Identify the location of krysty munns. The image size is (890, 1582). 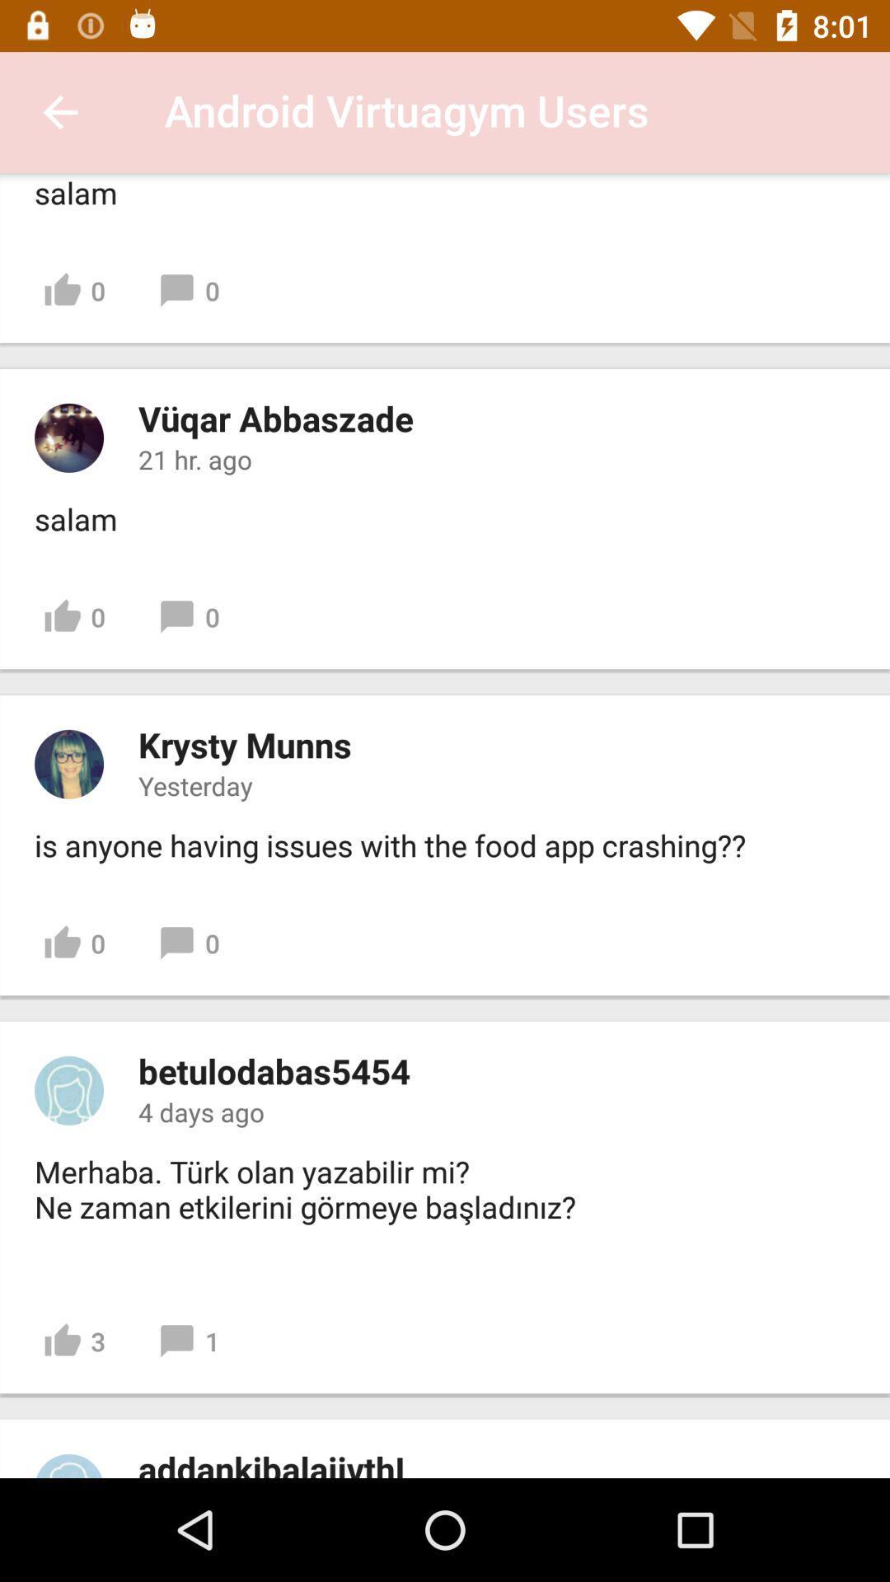
(245, 743).